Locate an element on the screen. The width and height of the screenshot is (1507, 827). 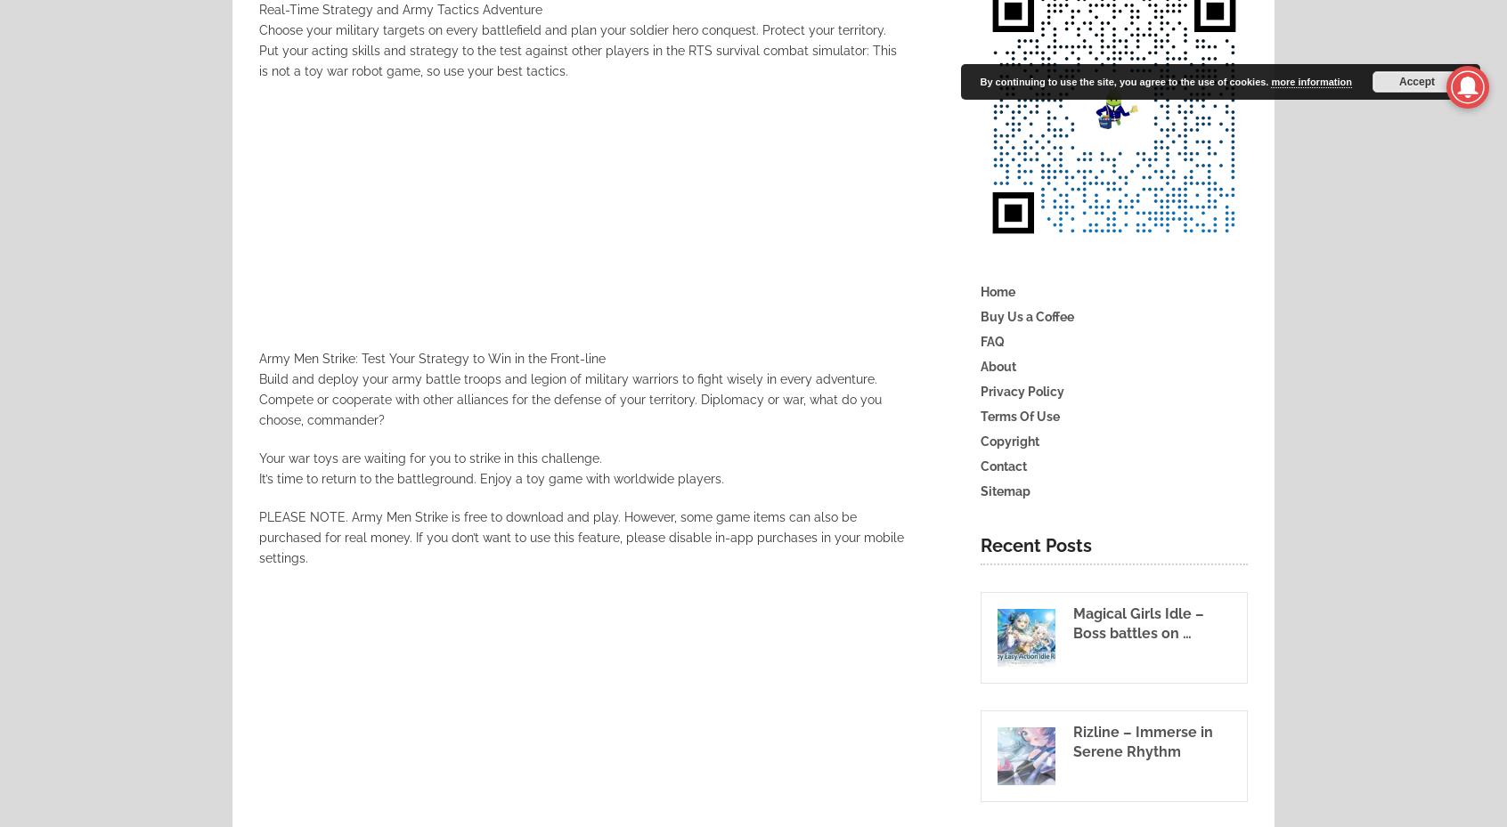
'more information' is located at coordinates (1270, 80).